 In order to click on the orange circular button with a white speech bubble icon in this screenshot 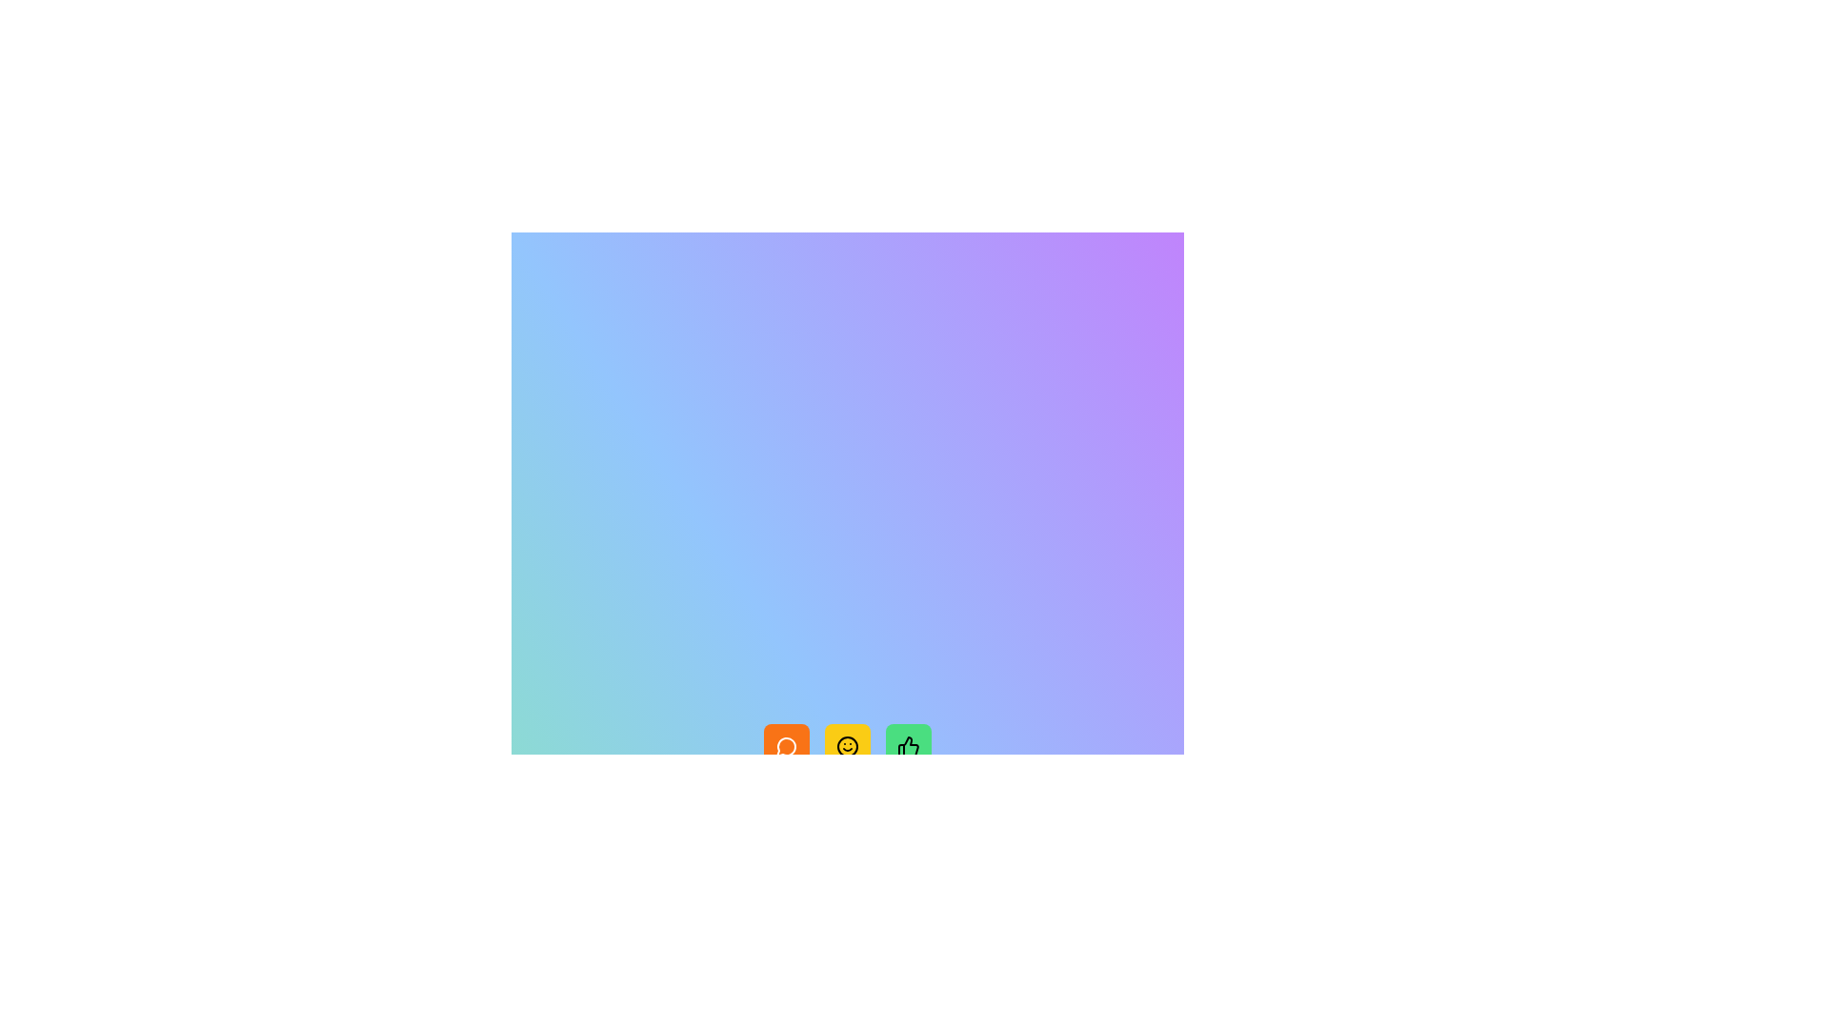, I will do `click(786, 745)`.